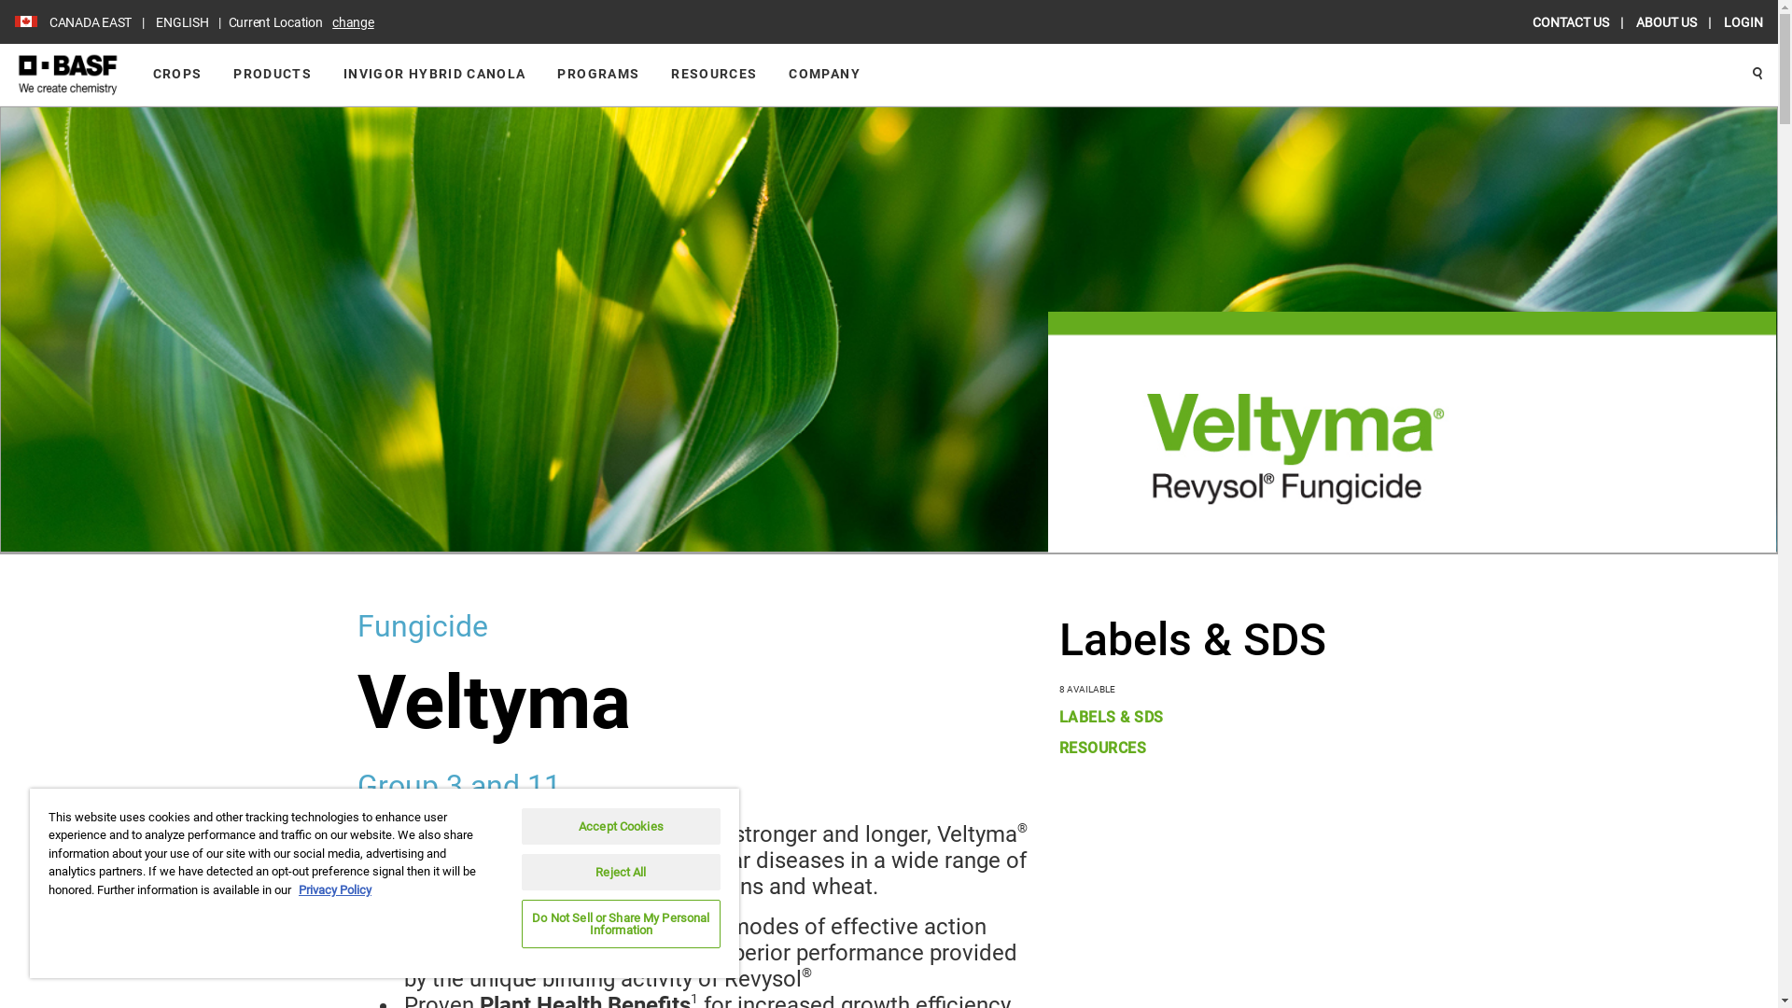 This screenshot has height=1008, width=1792. What do you see at coordinates (272, 73) in the screenshot?
I see `'PRODUCTS'` at bounding box center [272, 73].